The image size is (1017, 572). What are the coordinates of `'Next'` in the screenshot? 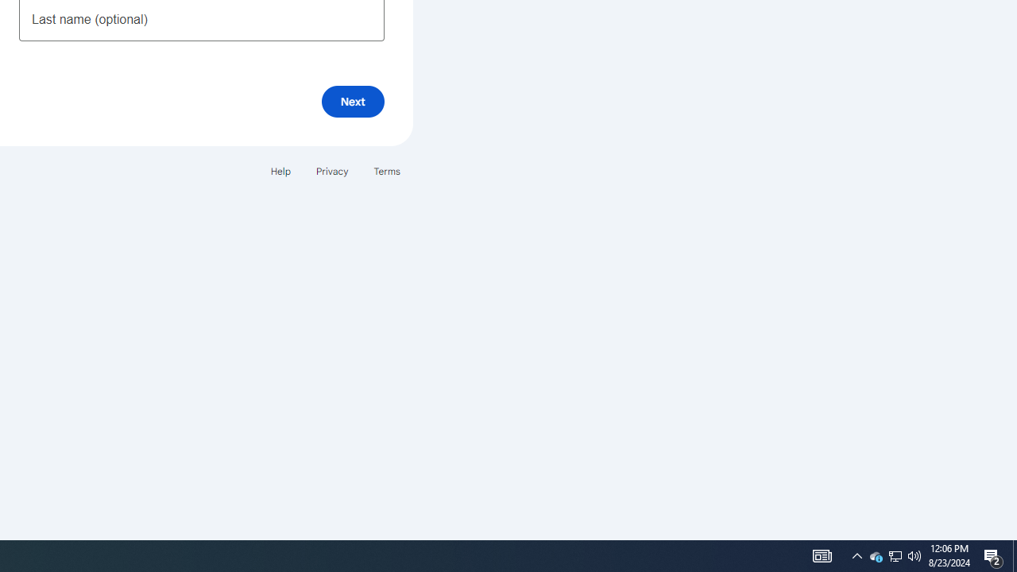 It's located at (352, 101).